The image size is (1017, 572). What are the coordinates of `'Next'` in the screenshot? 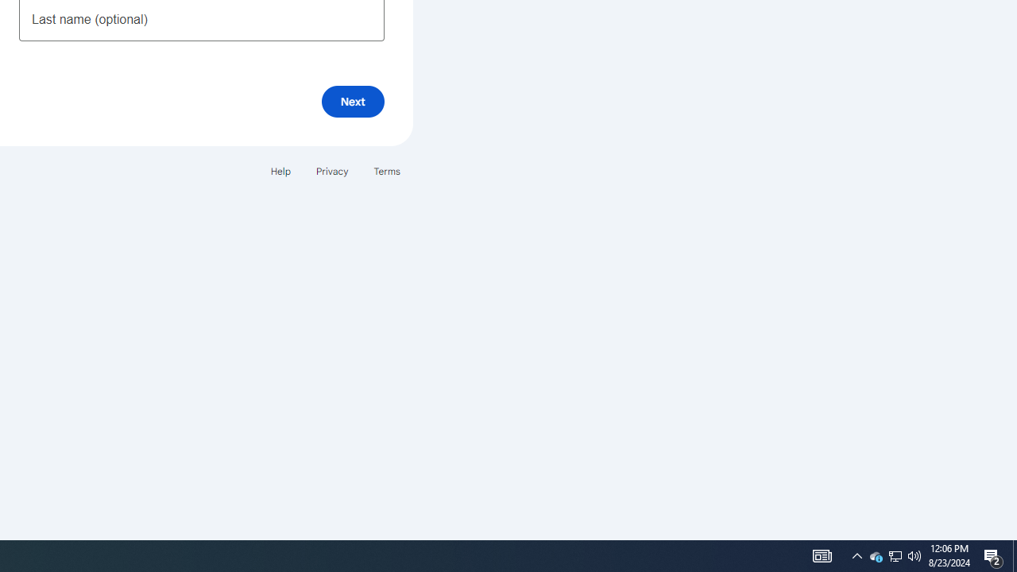 It's located at (352, 101).